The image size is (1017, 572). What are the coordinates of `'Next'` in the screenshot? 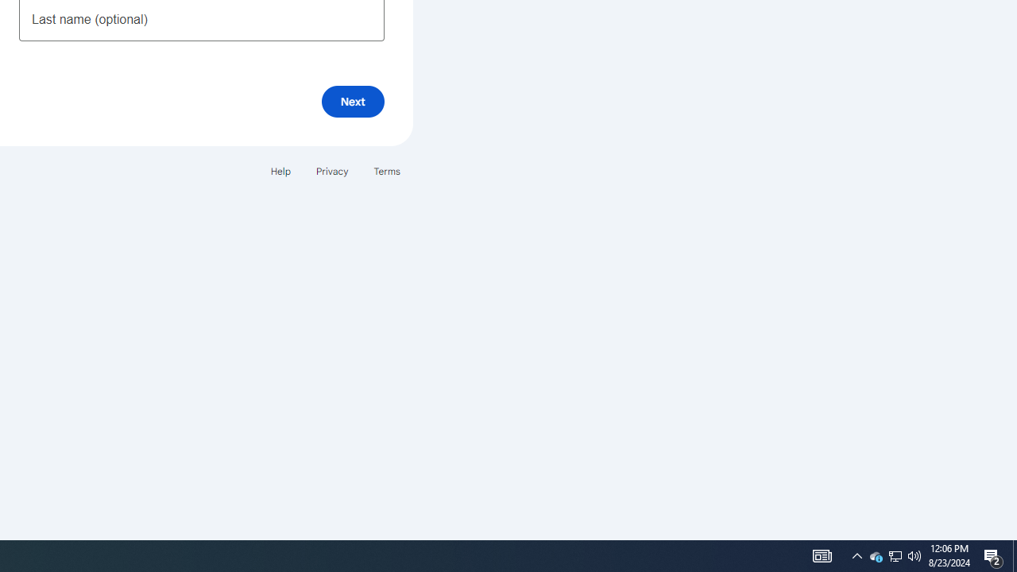 It's located at (352, 101).